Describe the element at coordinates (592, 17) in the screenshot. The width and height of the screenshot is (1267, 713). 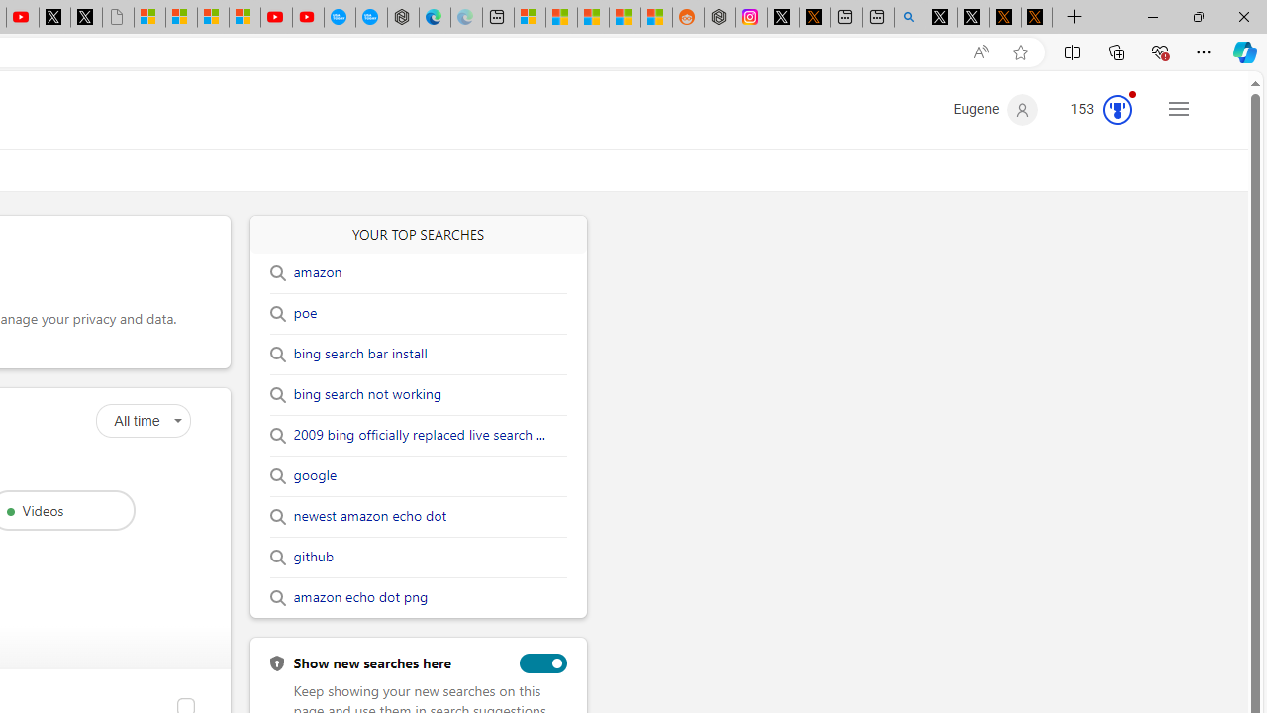
I see `'Shanghai, China hourly forecast | Microsoft Weather'` at that location.